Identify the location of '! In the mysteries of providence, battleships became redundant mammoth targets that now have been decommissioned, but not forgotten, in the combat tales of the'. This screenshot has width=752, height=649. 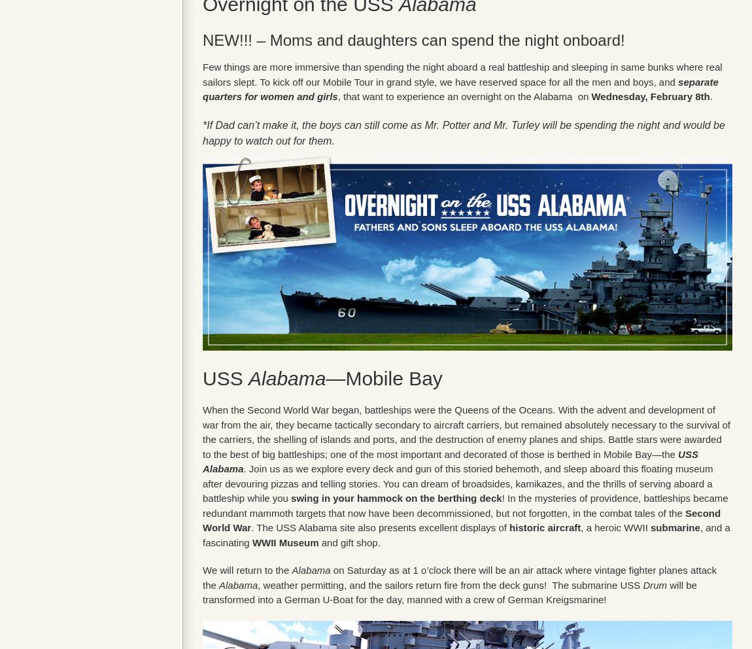
(464, 504).